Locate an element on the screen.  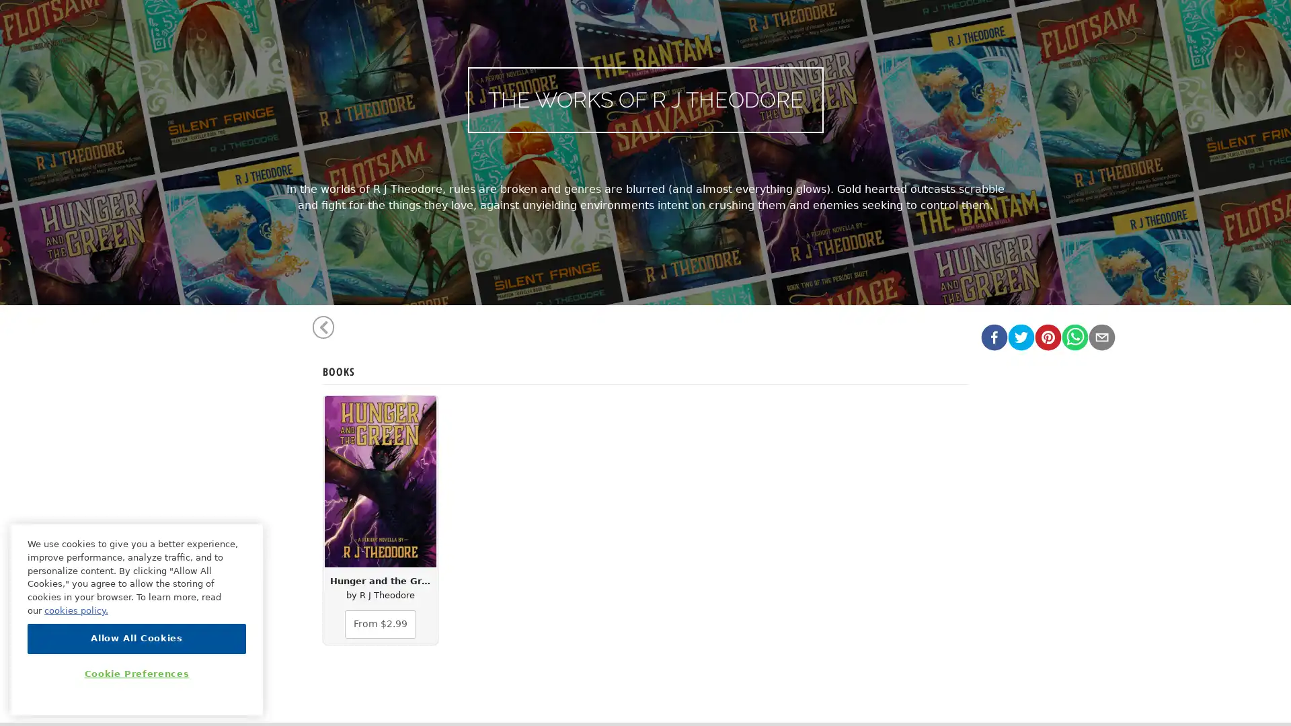
email is located at coordinates (1101, 335).